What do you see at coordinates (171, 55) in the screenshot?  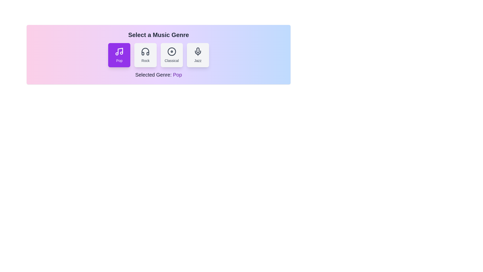 I see `the genre button labeled Classical` at bounding box center [171, 55].